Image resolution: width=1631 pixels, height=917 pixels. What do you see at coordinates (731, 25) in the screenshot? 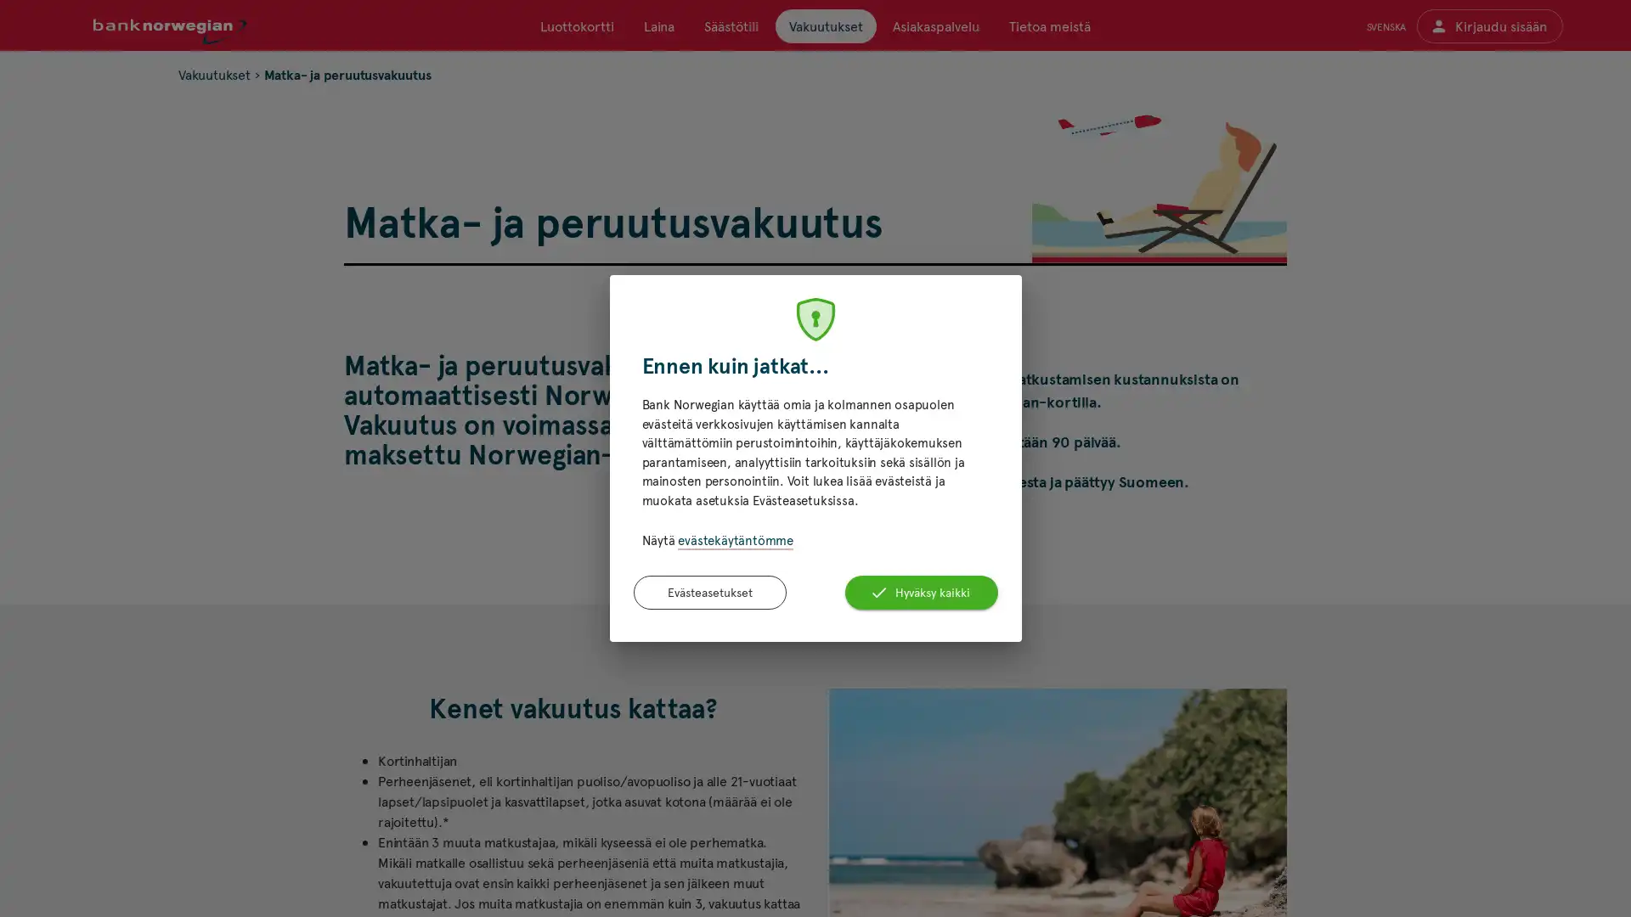
I see `Saastotili` at bounding box center [731, 25].